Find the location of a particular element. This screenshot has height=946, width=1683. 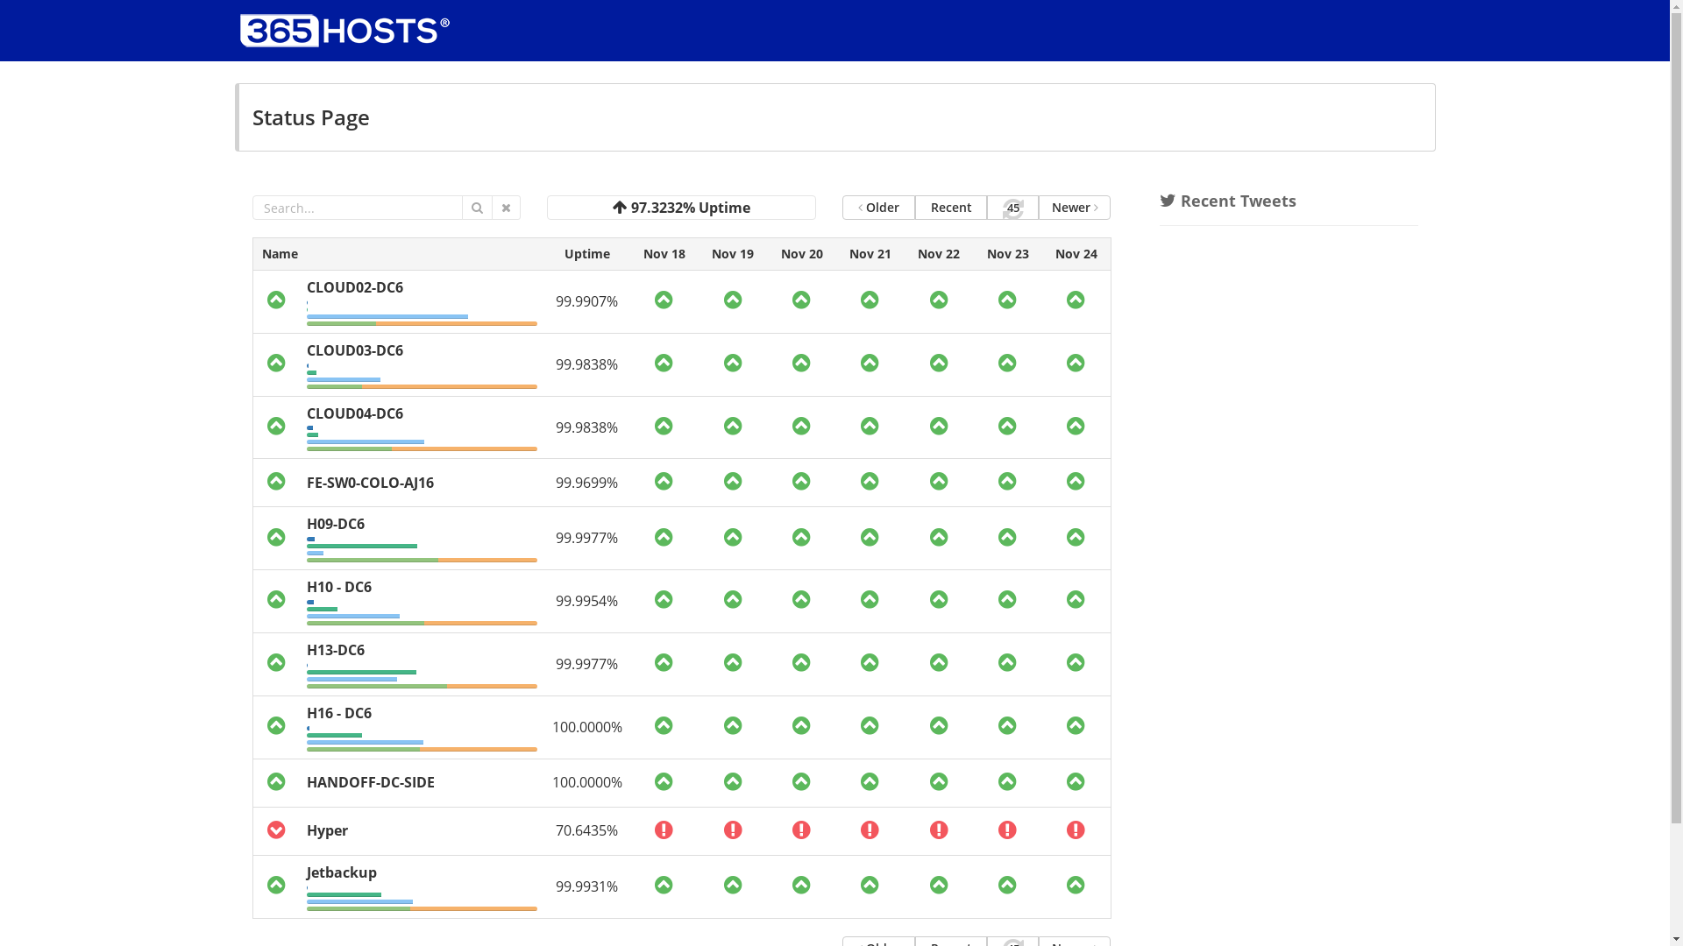

'H09-DC6' is located at coordinates (336, 522).